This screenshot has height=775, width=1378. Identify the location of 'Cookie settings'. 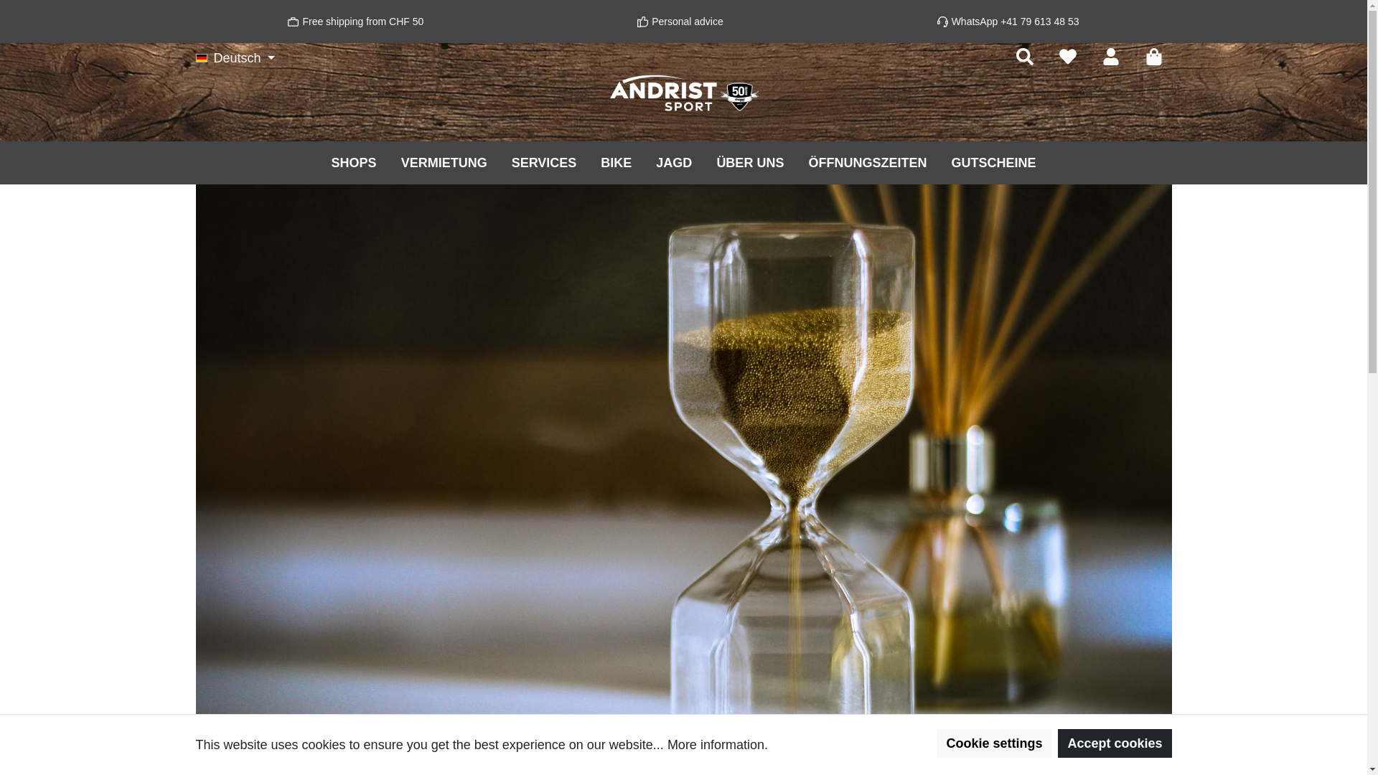
(993, 743).